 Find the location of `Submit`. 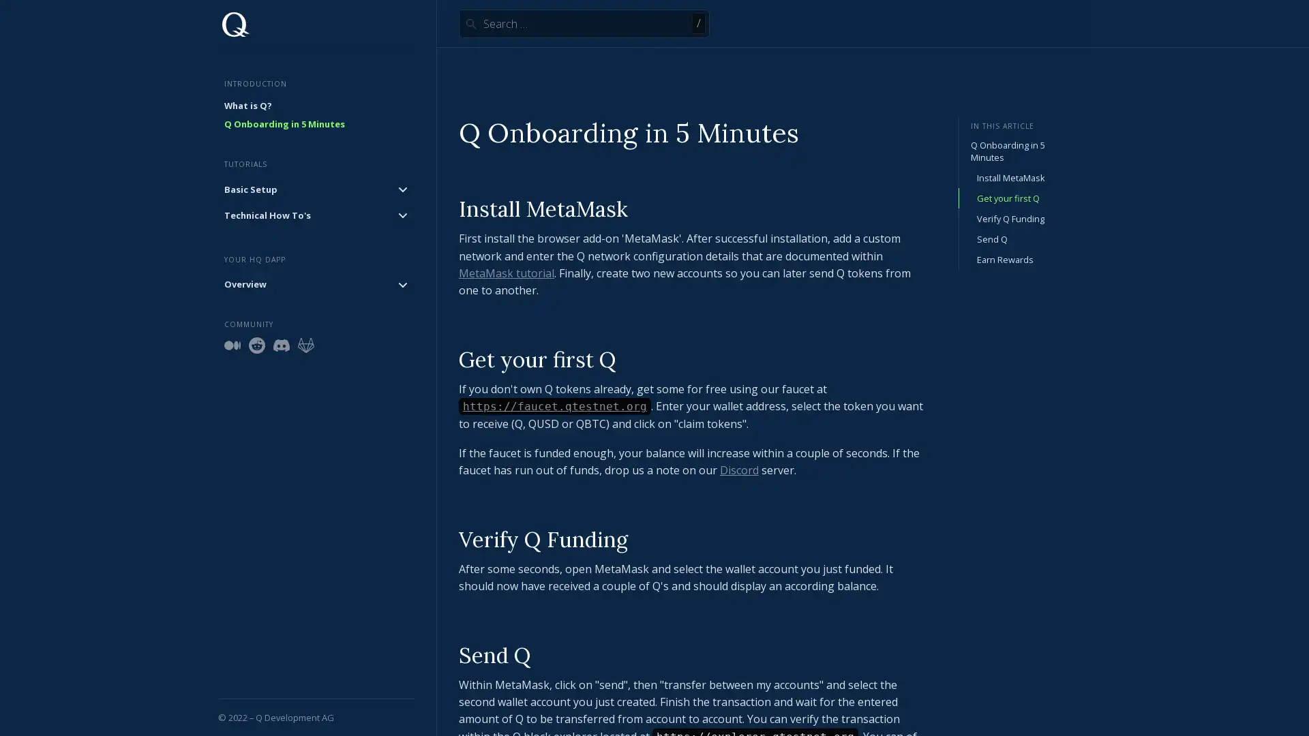

Submit is located at coordinates (470, 23).